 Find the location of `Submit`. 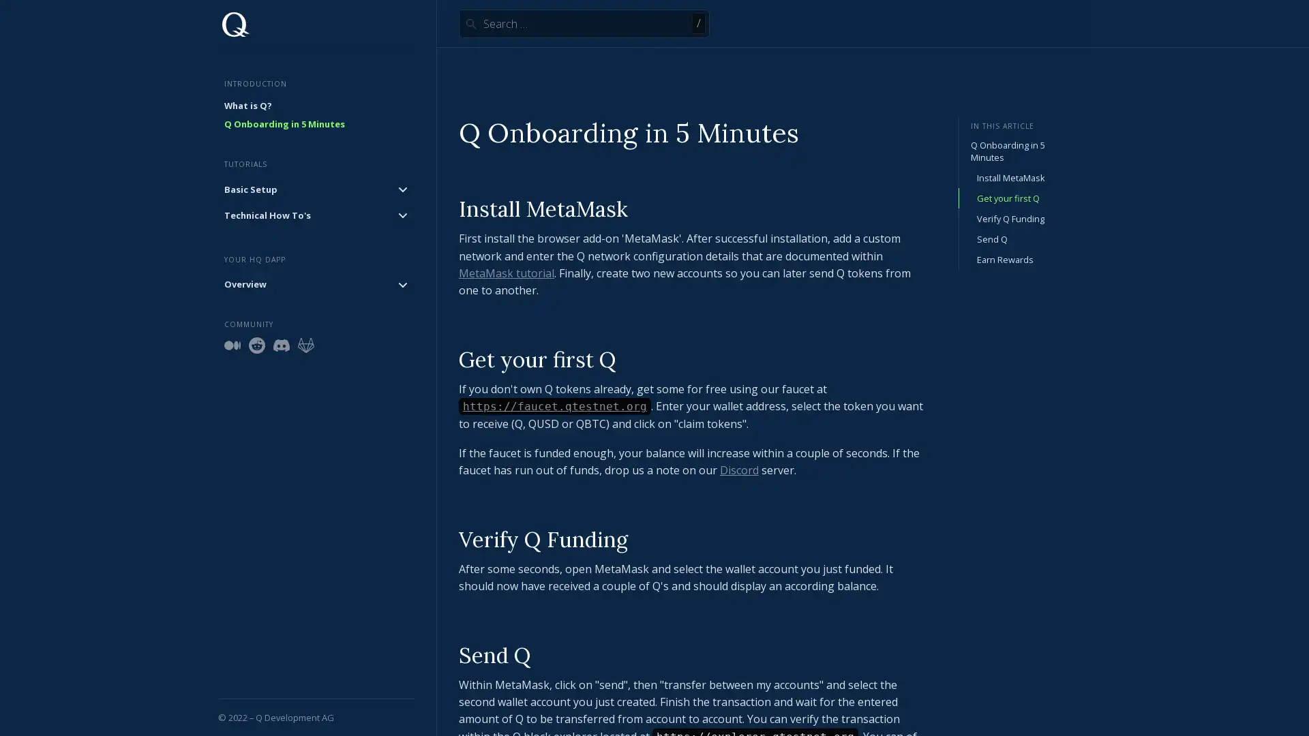

Submit is located at coordinates (470, 23).